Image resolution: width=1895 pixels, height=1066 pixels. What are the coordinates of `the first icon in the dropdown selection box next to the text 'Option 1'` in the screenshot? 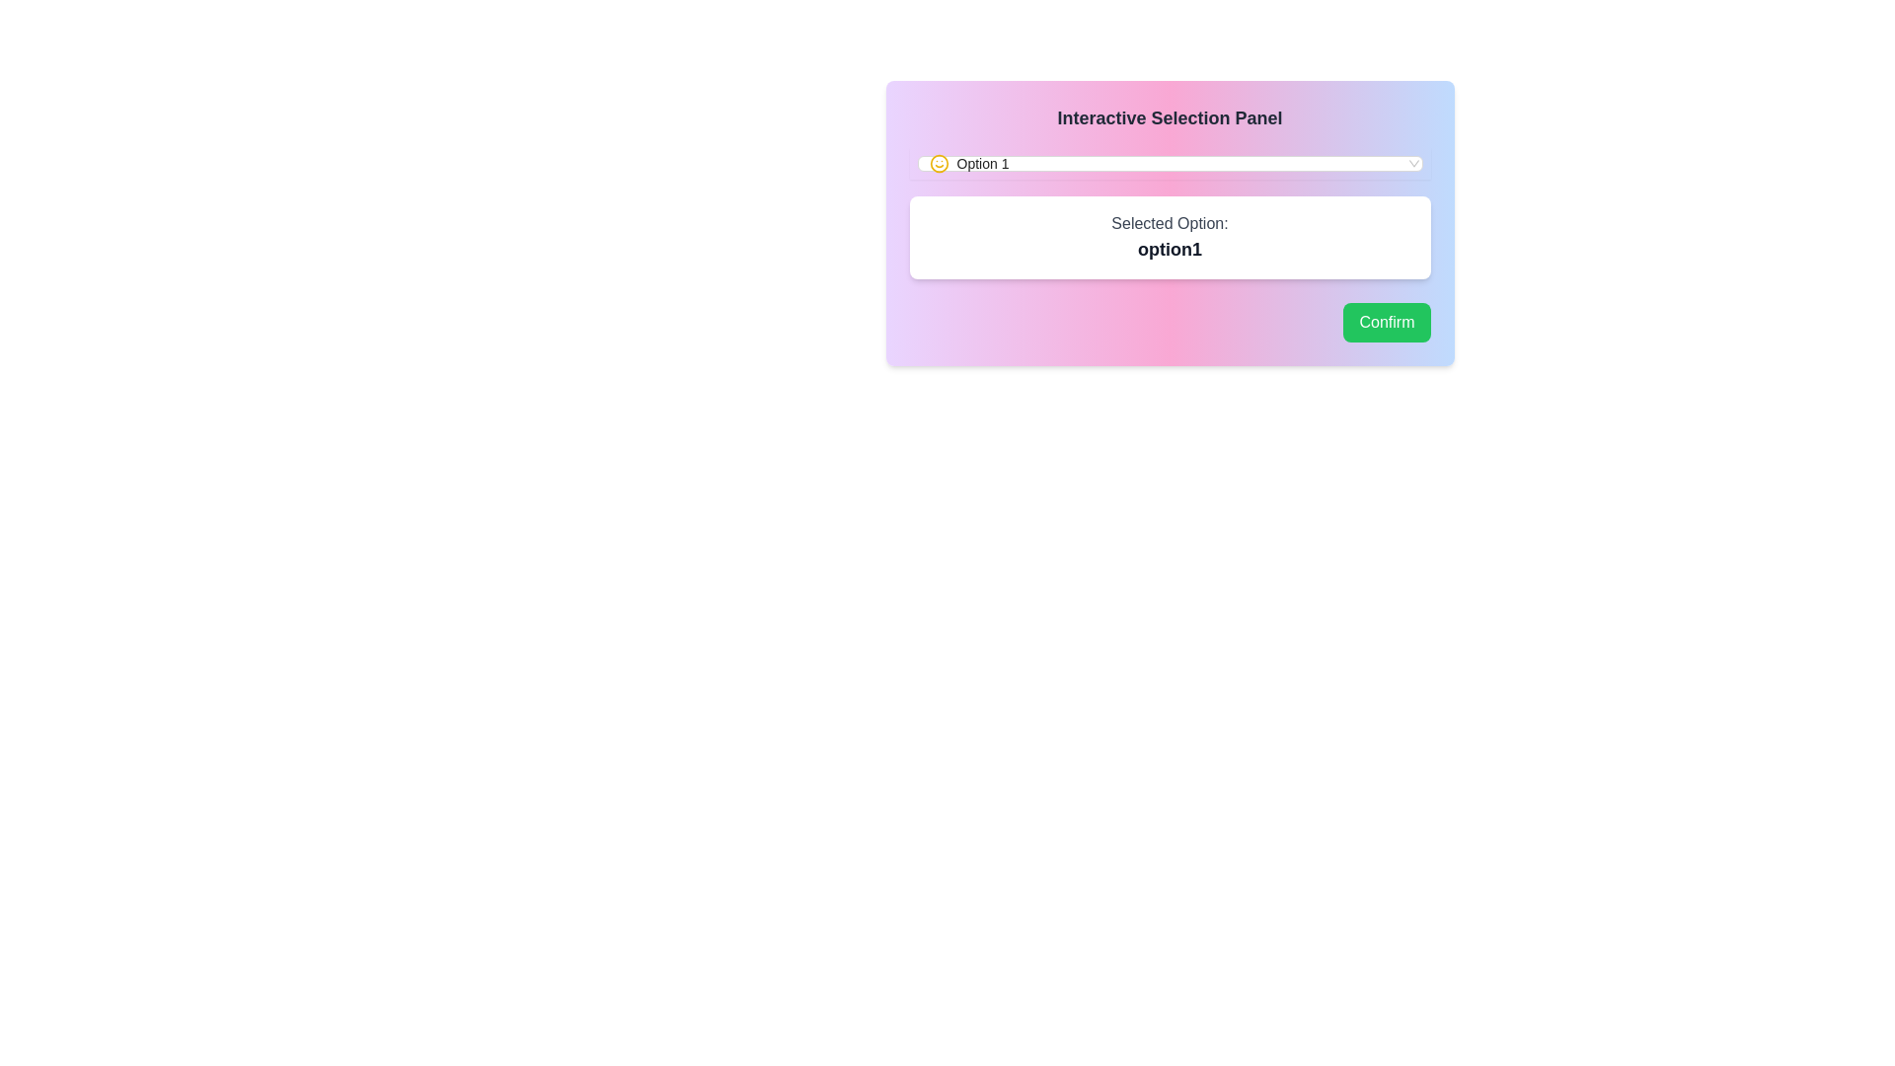 It's located at (938, 162).